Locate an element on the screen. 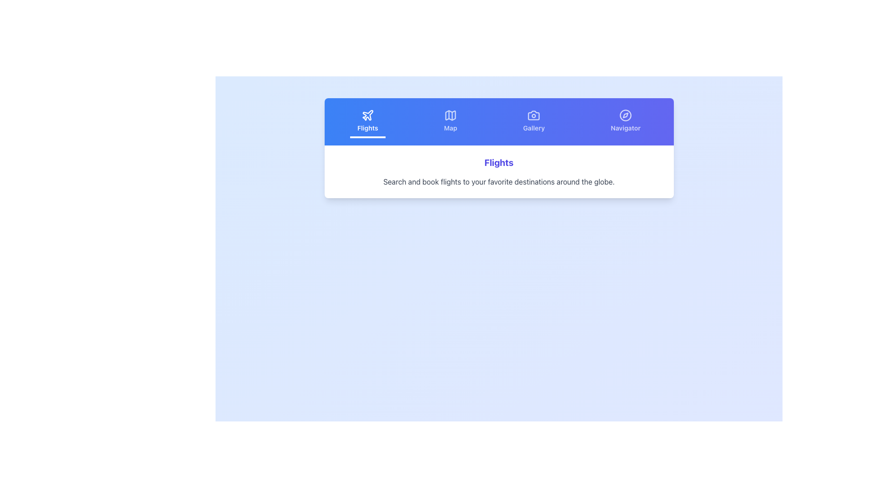 This screenshot has height=491, width=873. the airplane icon embedded in the 'Flights' option tab located in the navigation bar at the top of the content area is located at coordinates (367, 115).